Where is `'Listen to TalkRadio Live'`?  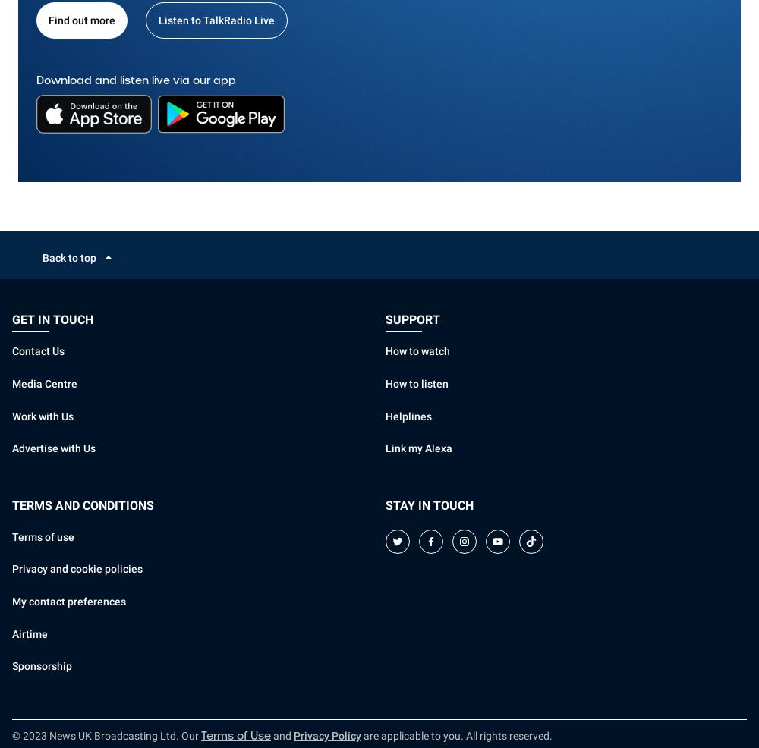
'Listen to TalkRadio Live' is located at coordinates (216, 19).